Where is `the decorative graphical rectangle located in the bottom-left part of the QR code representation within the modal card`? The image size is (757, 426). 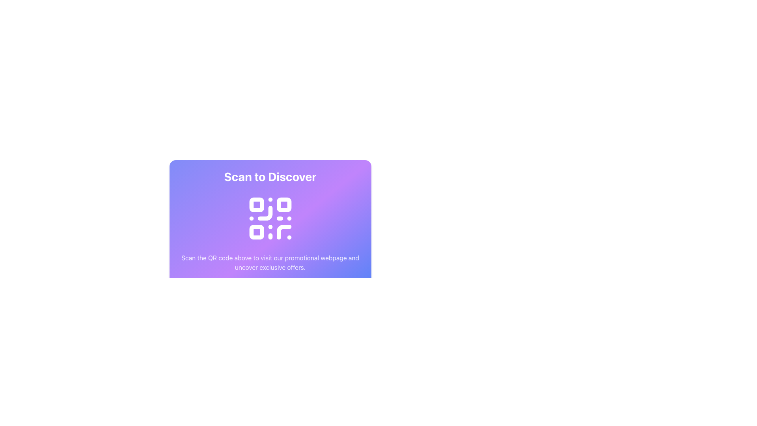 the decorative graphical rectangle located in the bottom-left part of the QR code representation within the modal card is located at coordinates (256, 232).